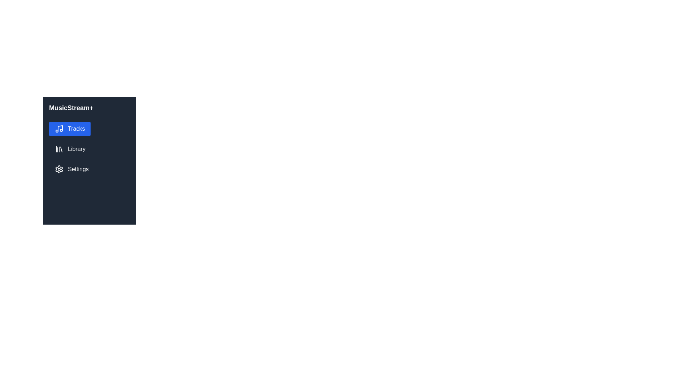 Image resolution: width=693 pixels, height=390 pixels. Describe the element at coordinates (77, 148) in the screenshot. I see `the 'Library' text label in the sidebar navigation` at that location.